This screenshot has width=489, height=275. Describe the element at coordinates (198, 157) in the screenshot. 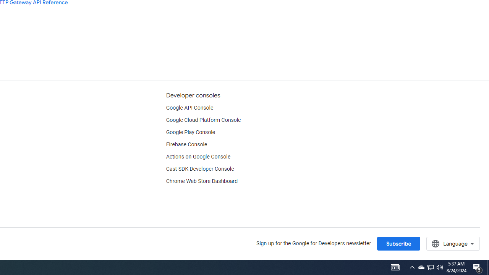

I see `'Actions on Google Console'` at that location.